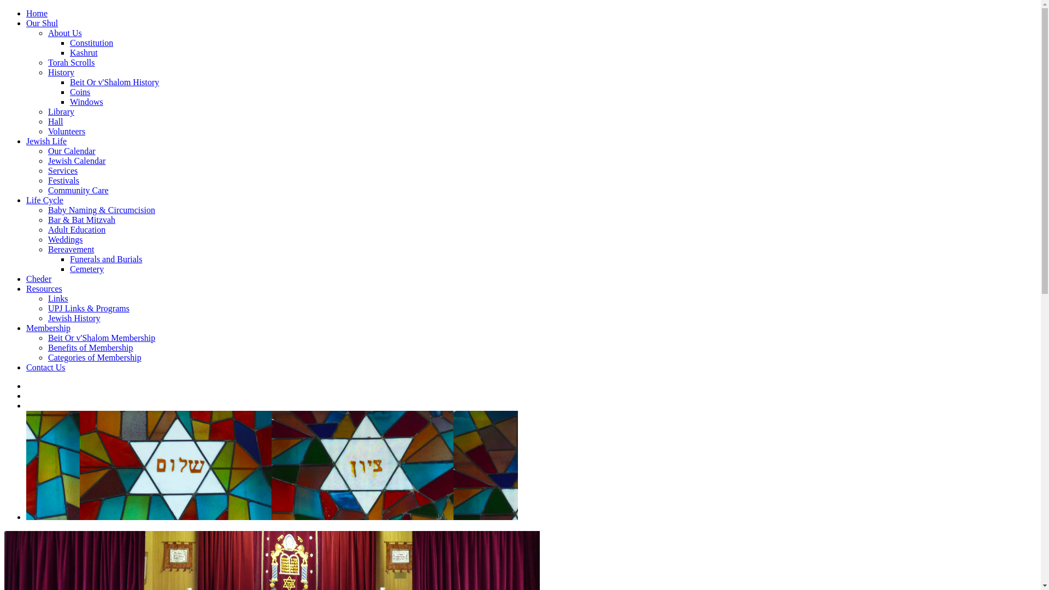 The image size is (1049, 590). I want to click on 'Coins', so click(69, 91).